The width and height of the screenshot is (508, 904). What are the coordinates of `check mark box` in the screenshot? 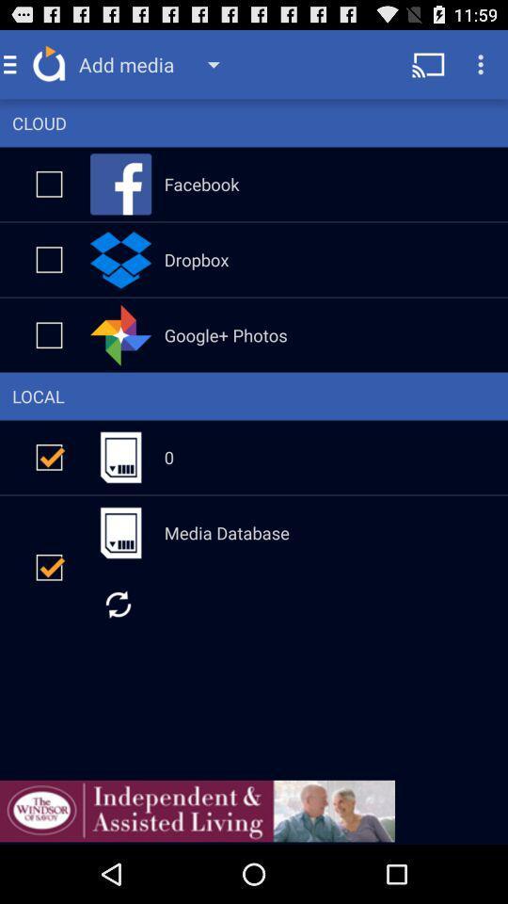 It's located at (49, 184).